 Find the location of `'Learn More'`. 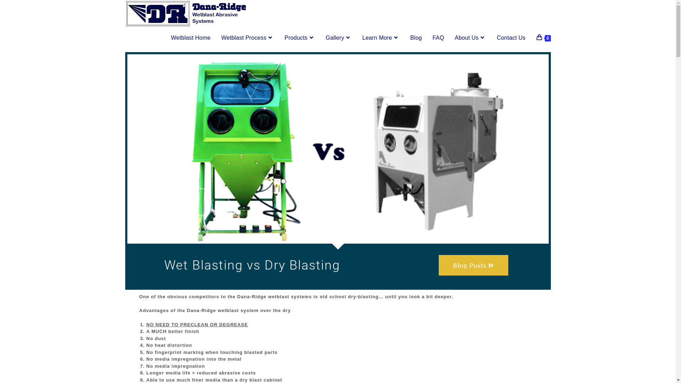

'Learn More' is located at coordinates (381, 38).